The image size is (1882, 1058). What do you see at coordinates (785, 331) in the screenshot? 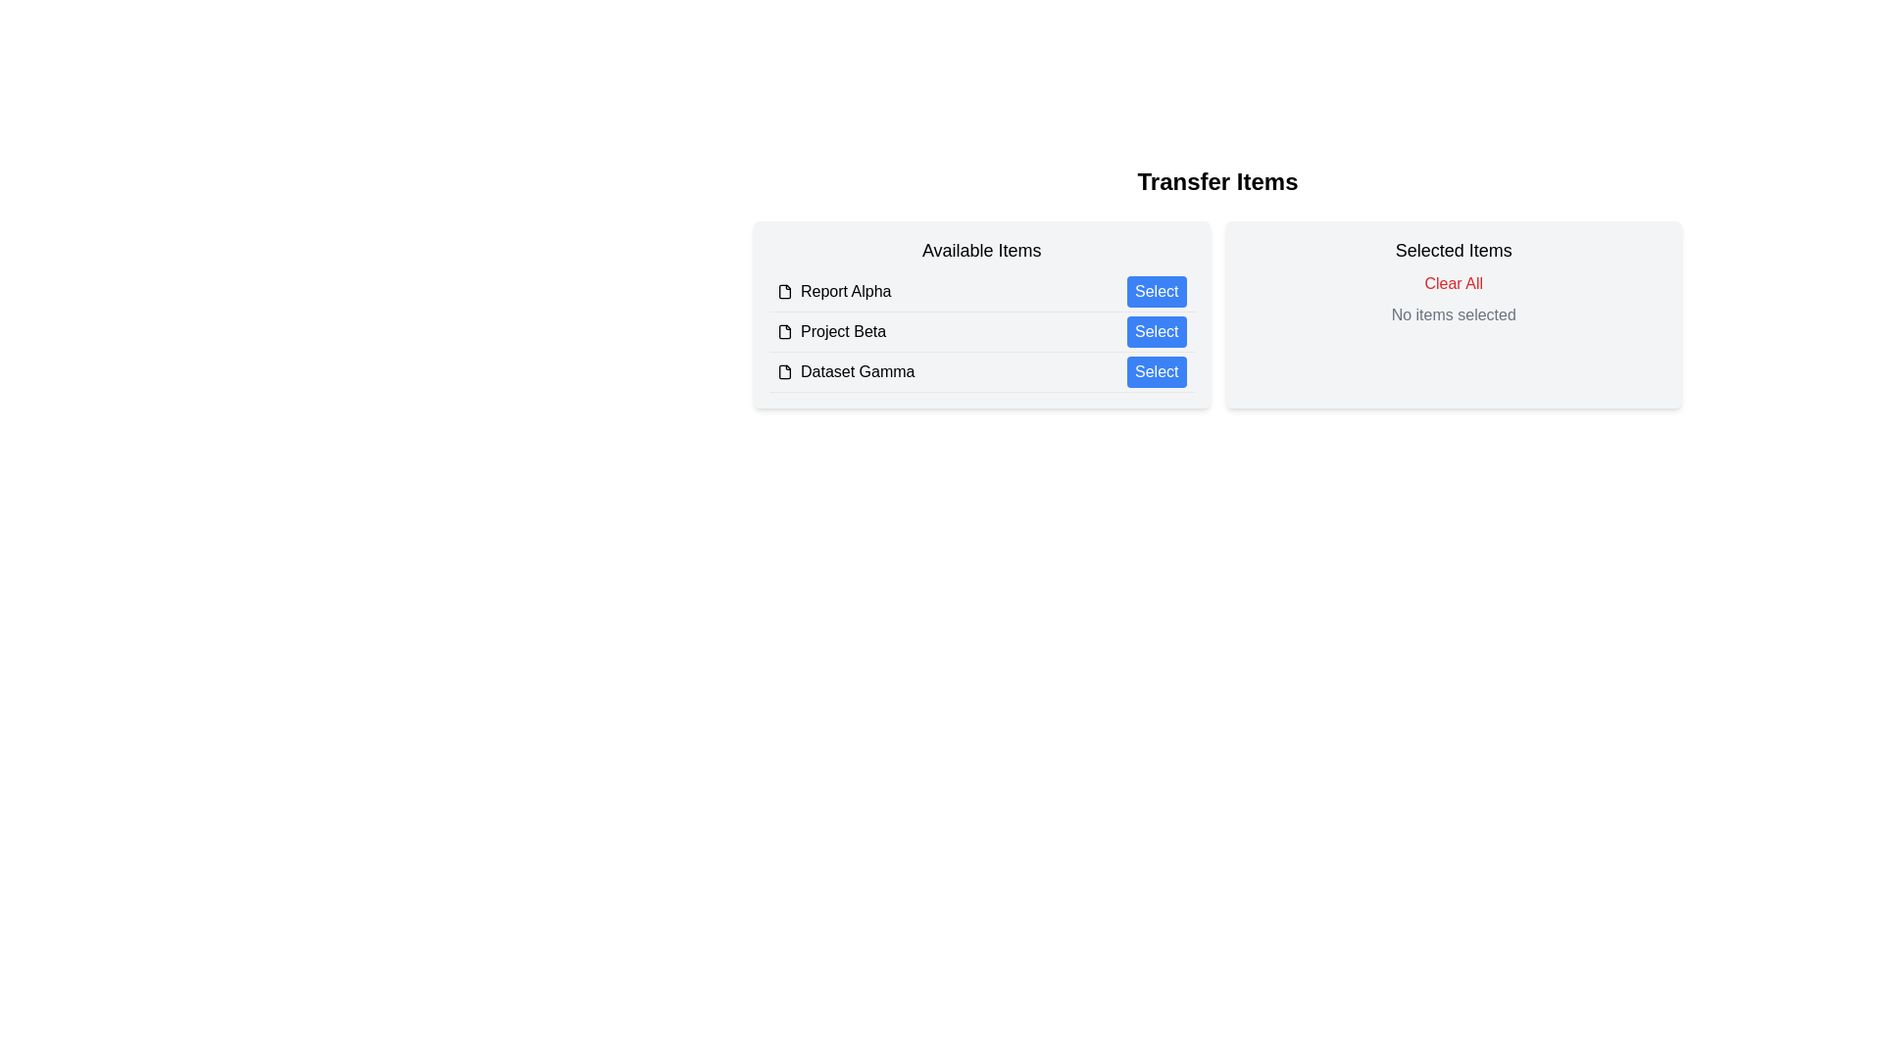
I see `the document icon representing the 'Project Beta' entry in the left panel under the 'Available Items' section` at bounding box center [785, 331].